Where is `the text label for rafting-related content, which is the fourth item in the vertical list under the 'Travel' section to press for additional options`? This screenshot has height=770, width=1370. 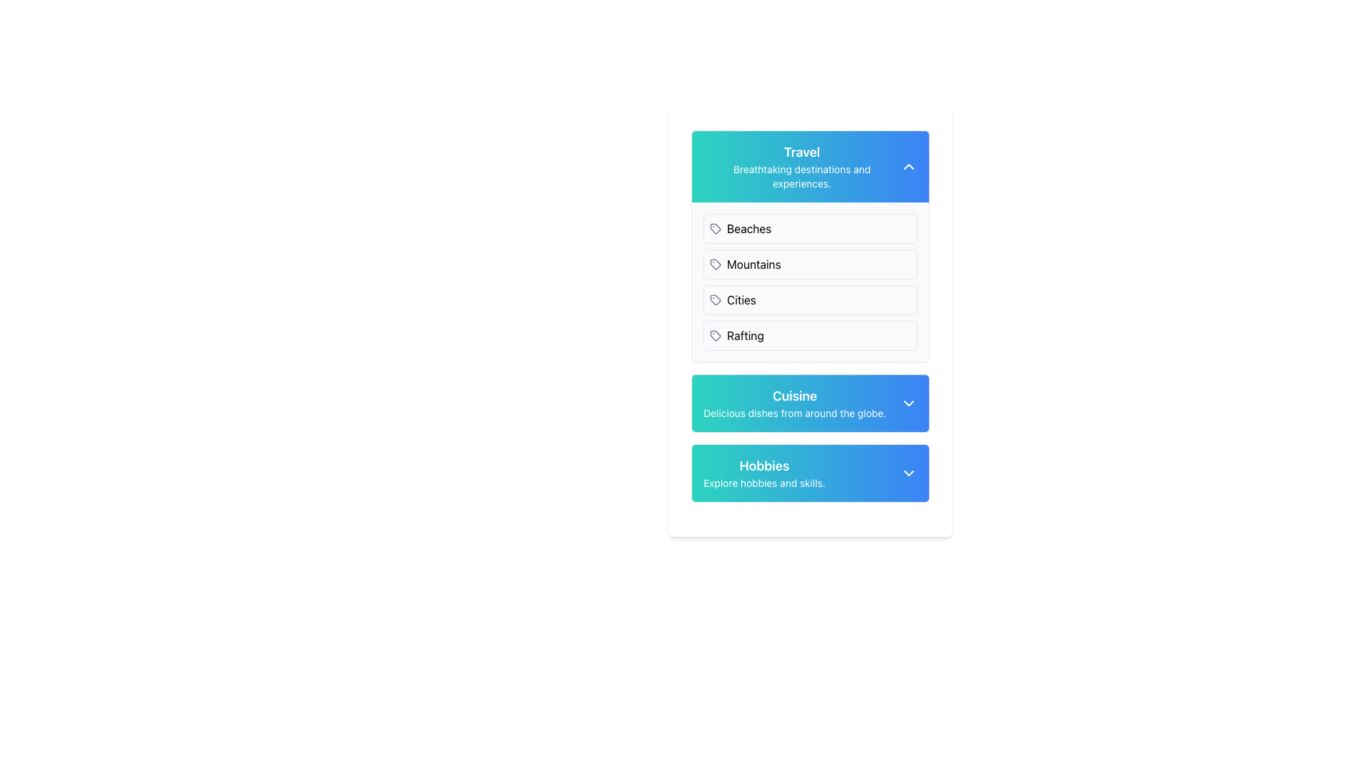
the text label for rafting-related content, which is the fourth item in the vertical list under the 'Travel' section to press for additional options is located at coordinates (744, 335).